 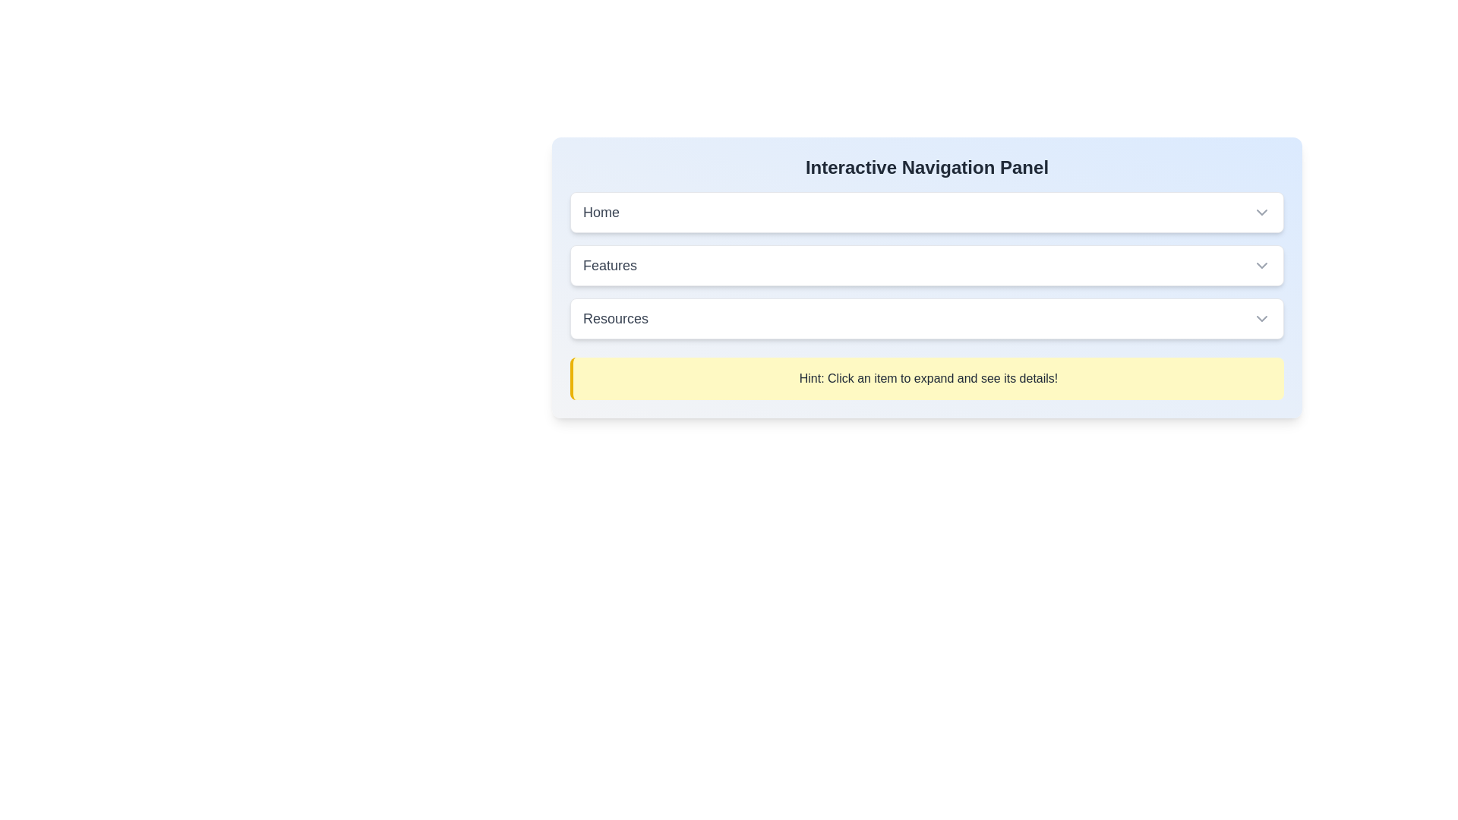 What do you see at coordinates (926, 295) in the screenshot?
I see `the Accordion navigation panel located within the 'Interactive Navigation Panel' card` at bounding box center [926, 295].